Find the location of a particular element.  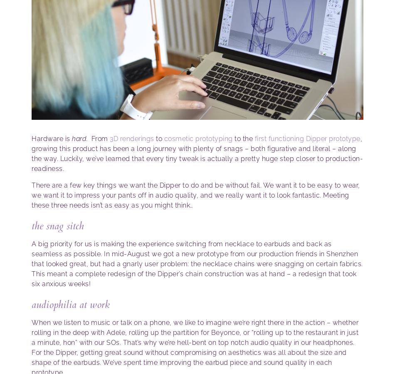

'The Snag Sitch' is located at coordinates (57, 226).